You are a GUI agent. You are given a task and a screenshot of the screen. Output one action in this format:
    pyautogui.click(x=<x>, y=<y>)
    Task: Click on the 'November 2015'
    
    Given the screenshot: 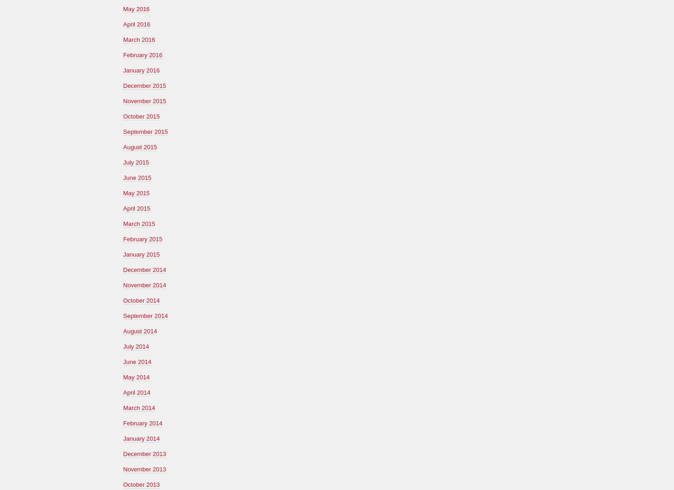 What is the action you would take?
    pyautogui.click(x=145, y=100)
    